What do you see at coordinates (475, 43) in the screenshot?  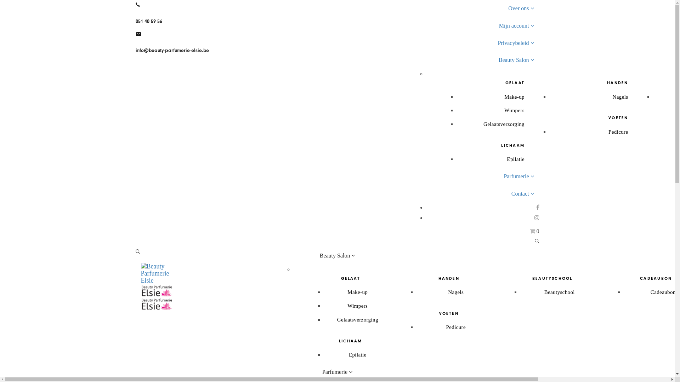 I see `'Privacybeleid'` at bounding box center [475, 43].